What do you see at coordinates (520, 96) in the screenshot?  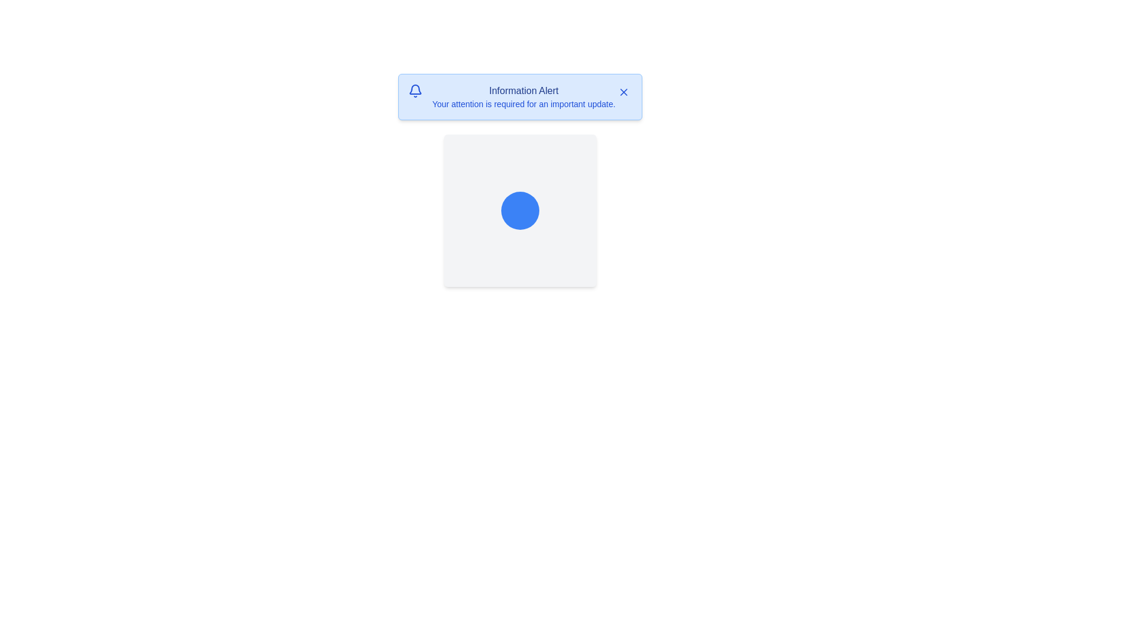 I see `text displayed in the Notification banner which contains the bold informational text 'Information Alert'` at bounding box center [520, 96].